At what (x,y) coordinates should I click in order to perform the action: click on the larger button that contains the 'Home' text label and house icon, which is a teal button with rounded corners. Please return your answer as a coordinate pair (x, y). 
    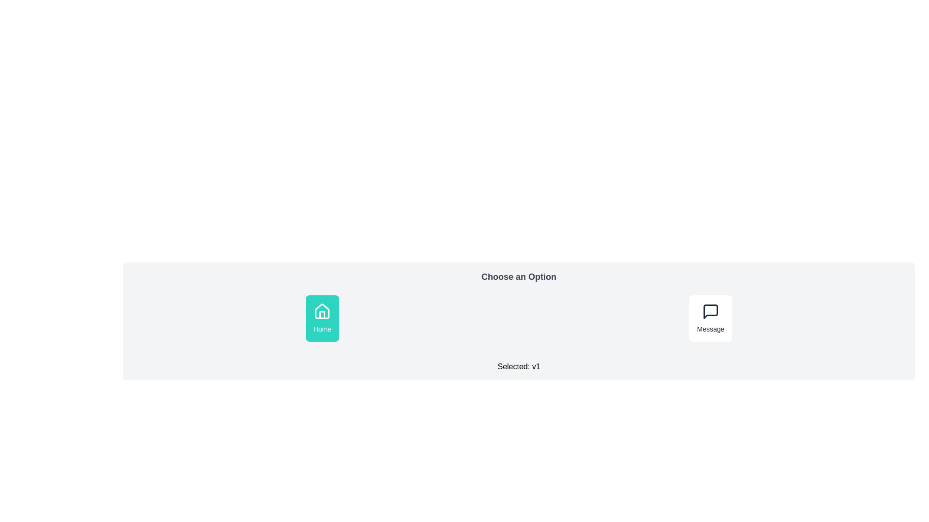
    Looking at the image, I should click on (322, 329).